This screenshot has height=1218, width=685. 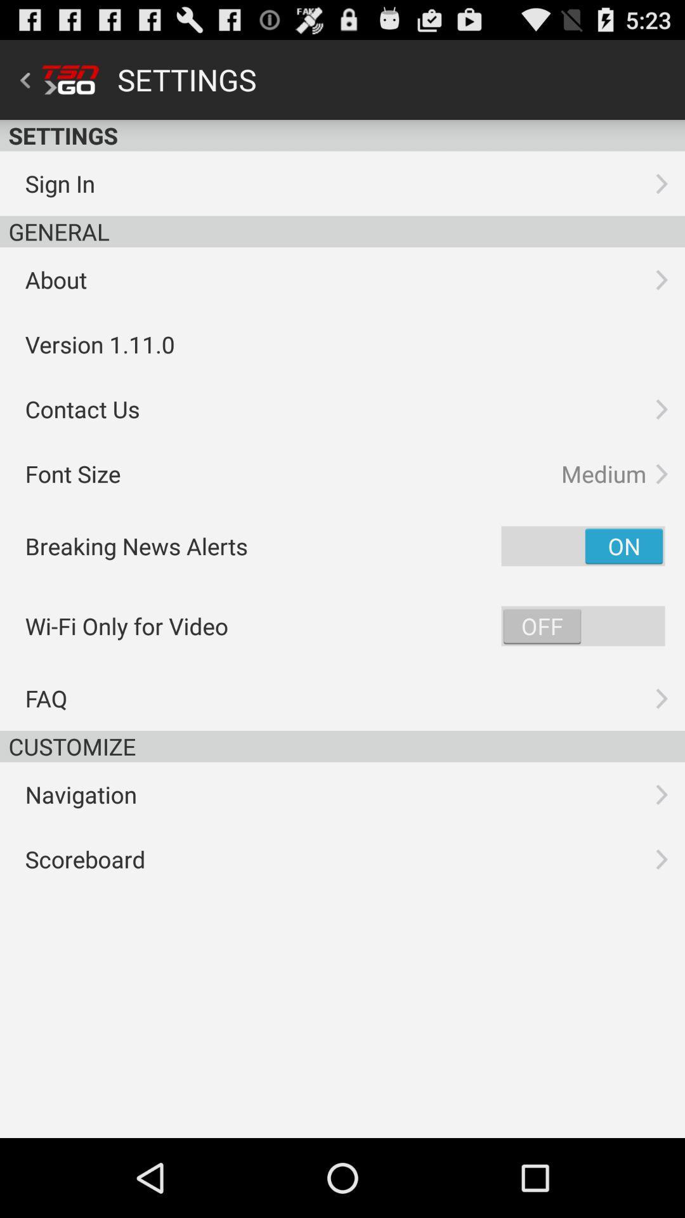 What do you see at coordinates (583, 546) in the screenshot?
I see `alerts on/off button` at bounding box center [583, 546].